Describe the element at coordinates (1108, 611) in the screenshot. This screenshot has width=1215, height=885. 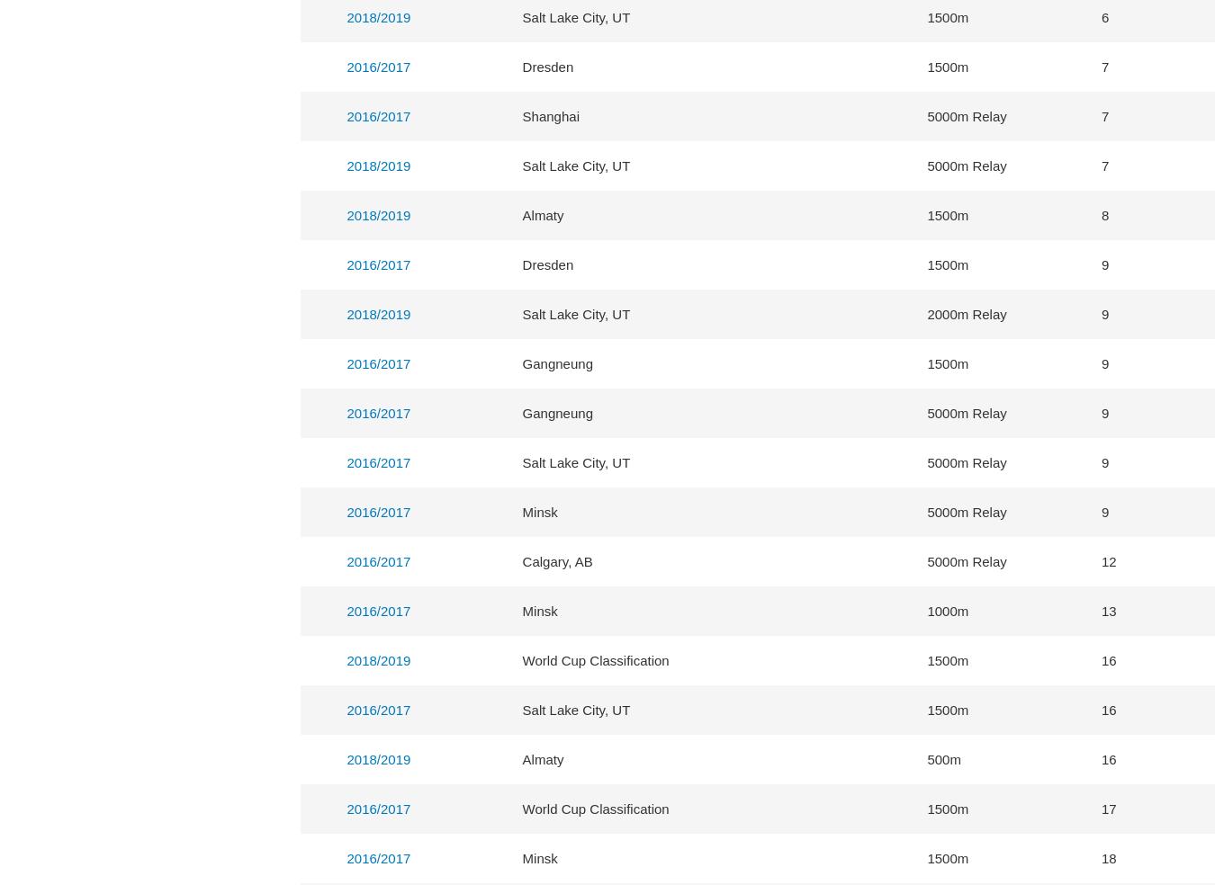
I see `'13'` at that location.